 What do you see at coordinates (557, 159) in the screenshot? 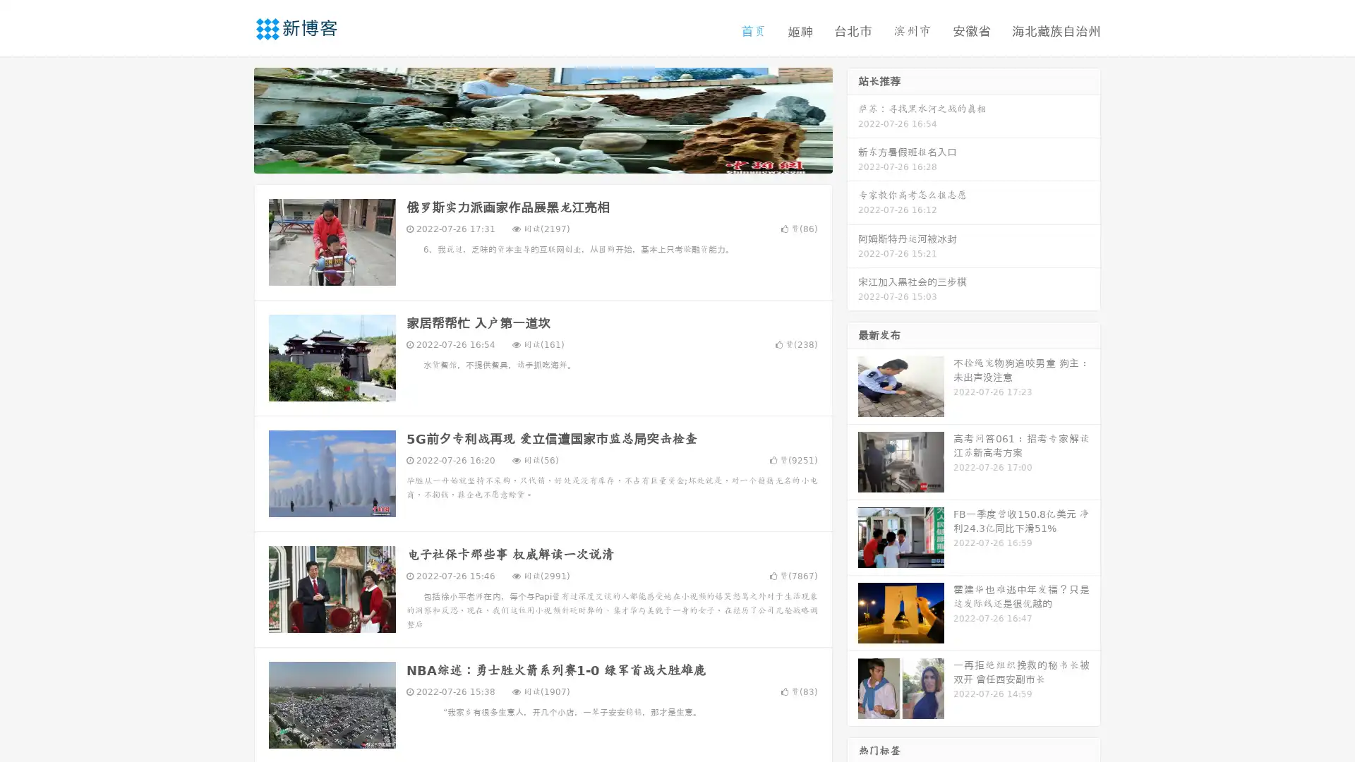
I see `Go to slide 3` at bounding box center [557, 159].